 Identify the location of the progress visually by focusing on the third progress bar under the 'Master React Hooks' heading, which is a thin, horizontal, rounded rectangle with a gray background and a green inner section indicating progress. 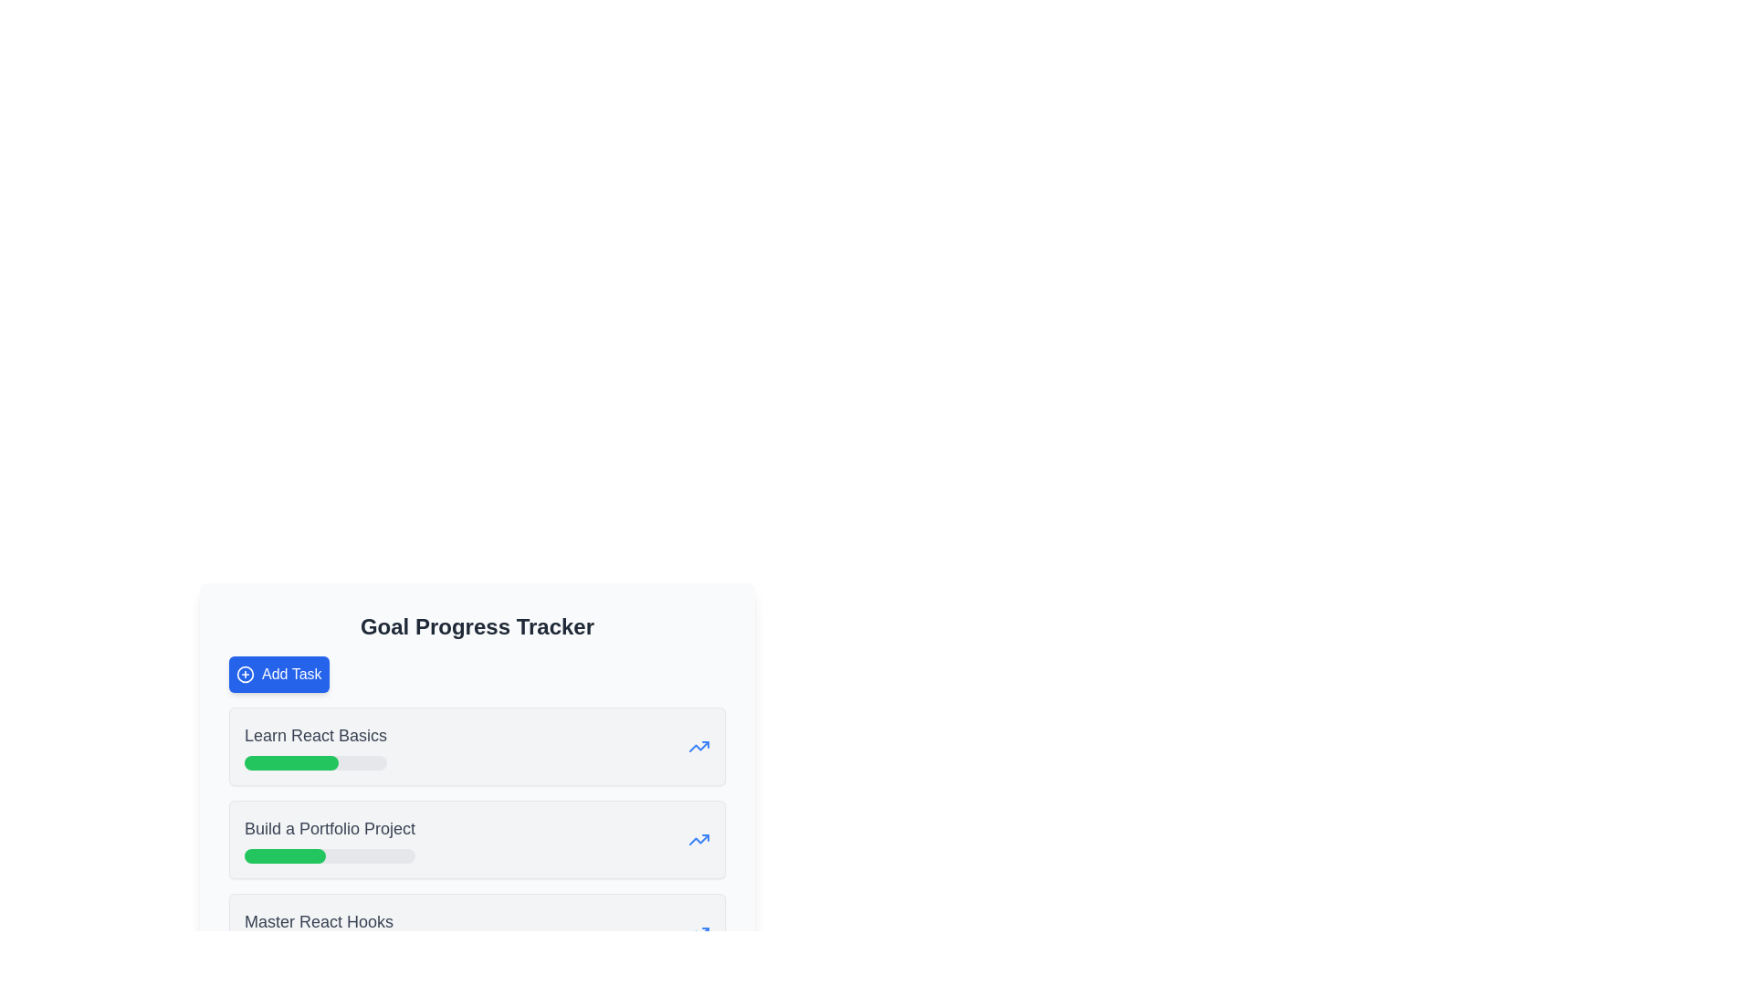
(319, 949).